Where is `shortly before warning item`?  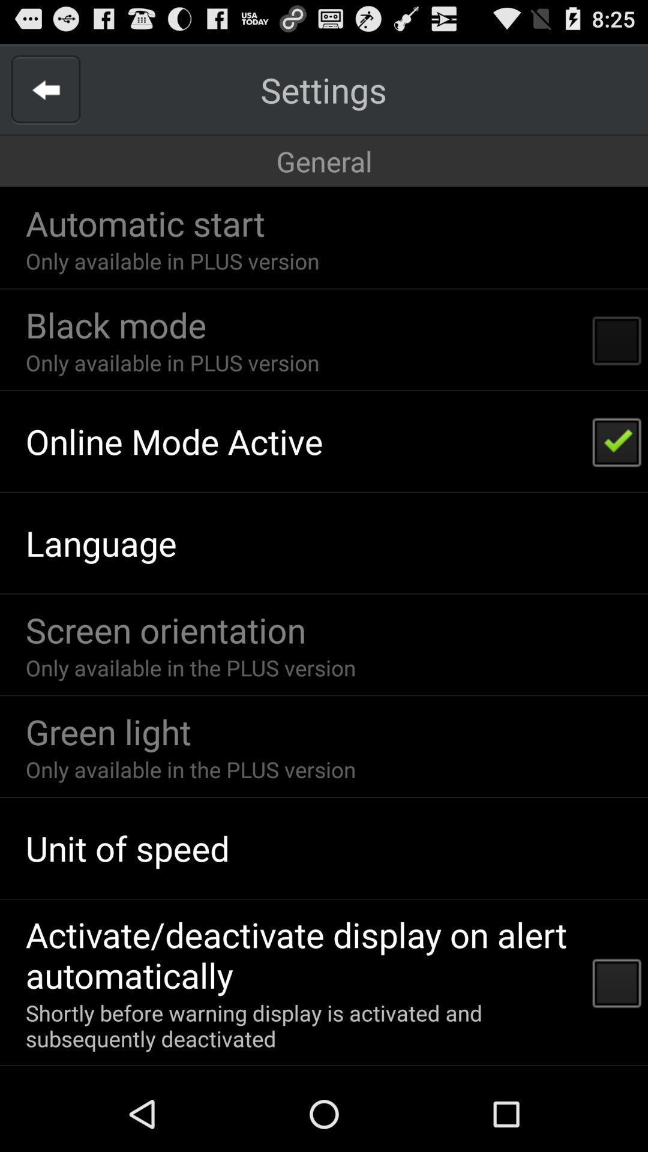
shortly before warning item is located at coordinates (301, 1025).